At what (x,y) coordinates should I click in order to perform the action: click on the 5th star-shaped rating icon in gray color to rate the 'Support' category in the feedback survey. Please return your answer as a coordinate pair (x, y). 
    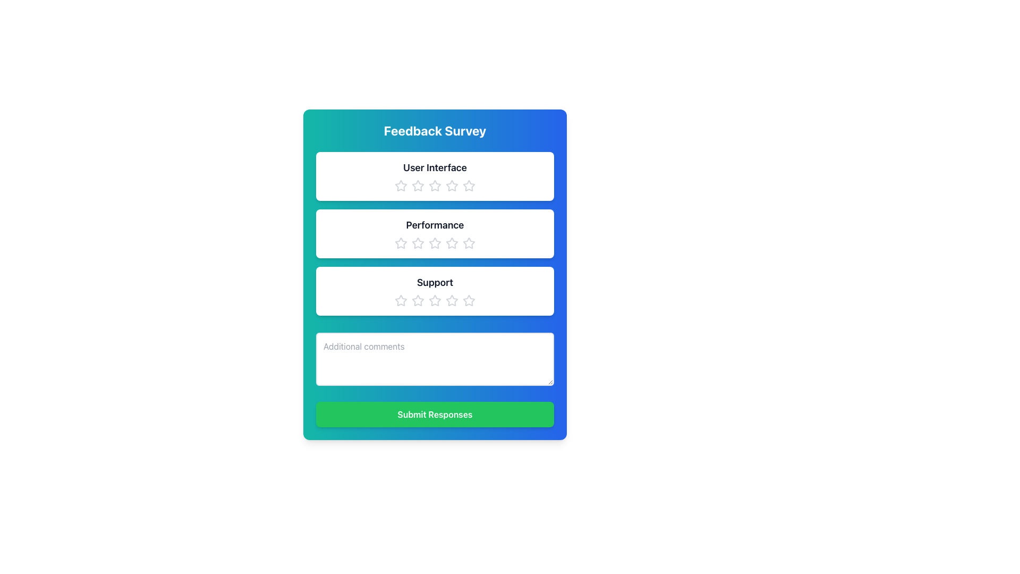
    Looking at the image, I should click on (469, 301).